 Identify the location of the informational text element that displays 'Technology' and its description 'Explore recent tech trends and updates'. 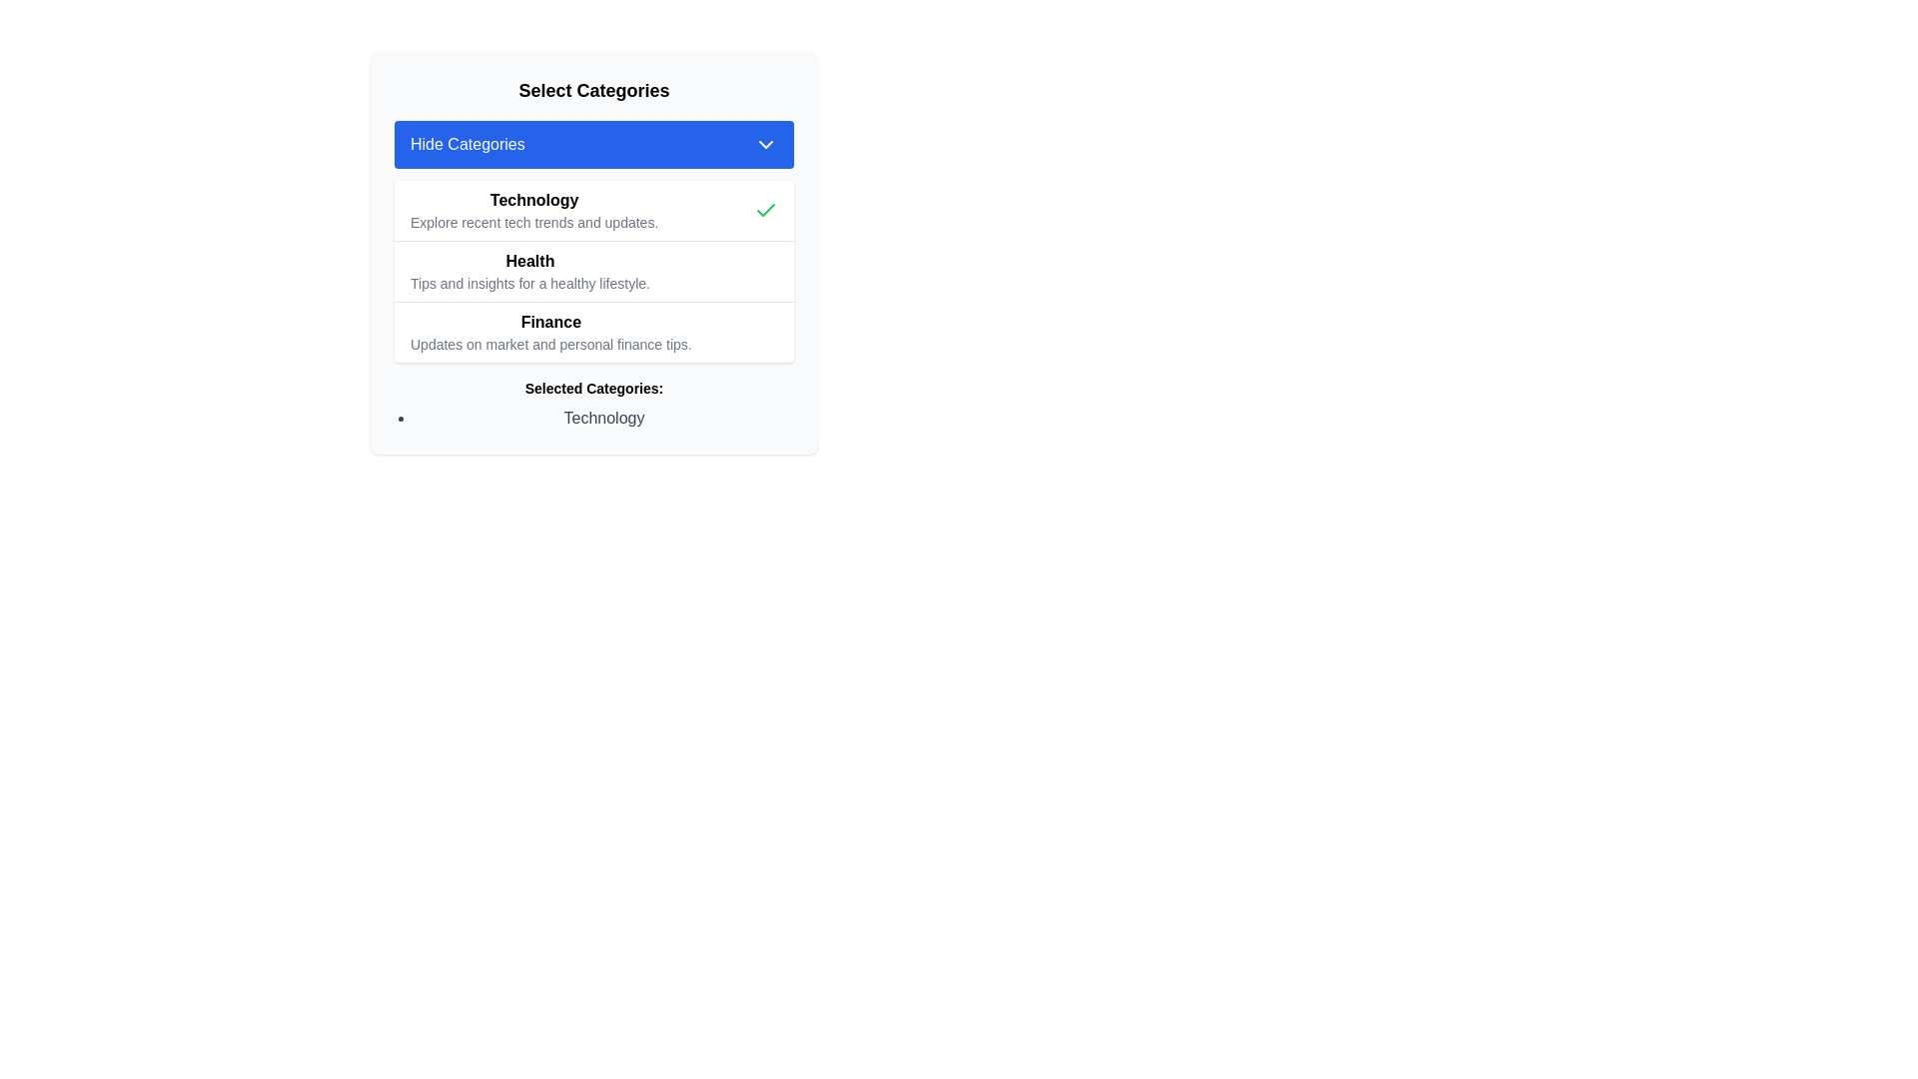
(533, 211).